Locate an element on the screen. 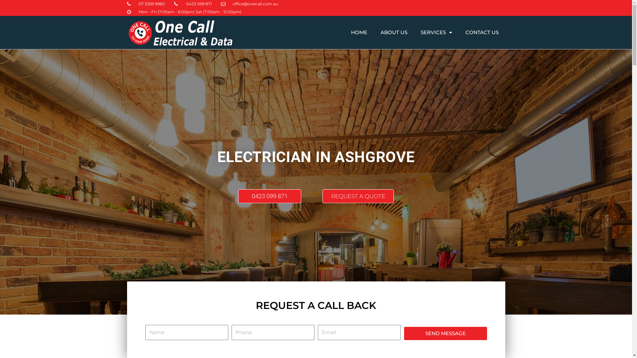 The height and width of the screenshot is (358, 637). 'HOME' is located at coordinates (359, 32).